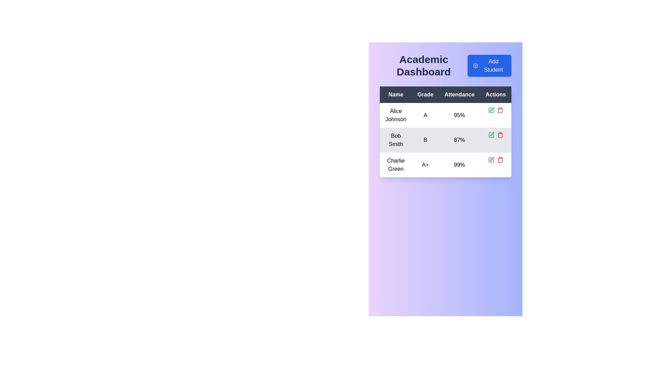 The image size is (663, 372). I want to click on the text component displaying the letter 'A' in the 'Grade' column for student Alice Johnson in the Academic Dashboard, so click(425, 115).